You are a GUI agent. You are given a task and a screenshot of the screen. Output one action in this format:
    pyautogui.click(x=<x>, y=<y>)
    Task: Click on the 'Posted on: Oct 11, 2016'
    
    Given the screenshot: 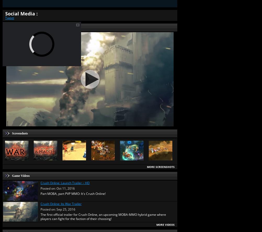 What is the action you would take?
    pyautogui.click(x=58, y=188)
    